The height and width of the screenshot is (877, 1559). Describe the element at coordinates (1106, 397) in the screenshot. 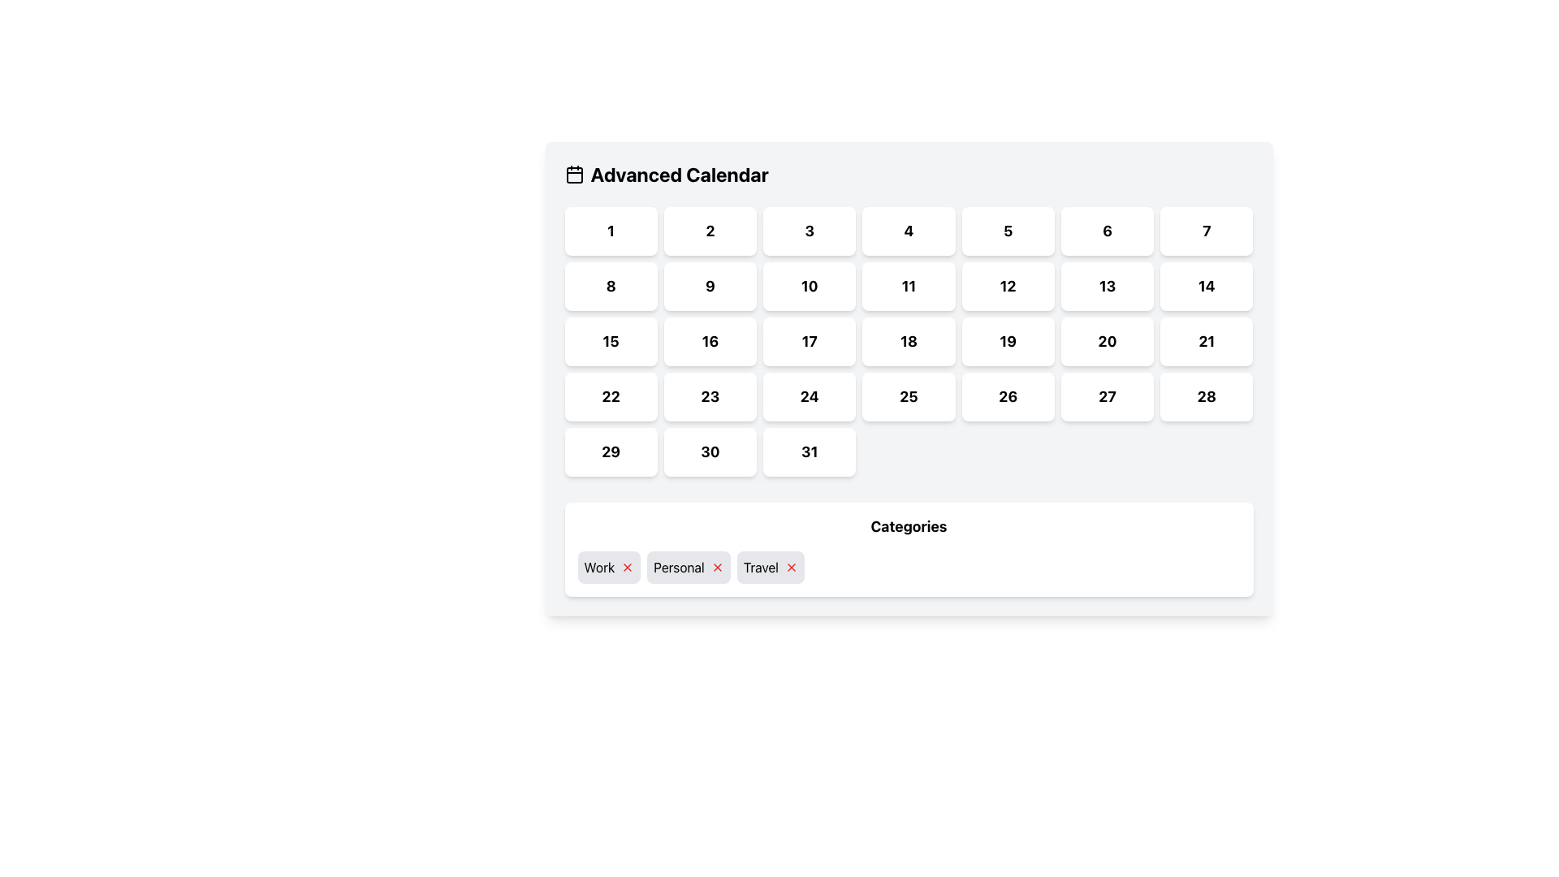

I see `the white square button with the text '27' in bold black font, located in the sixth row and fourth column of the grid layout` at that location.